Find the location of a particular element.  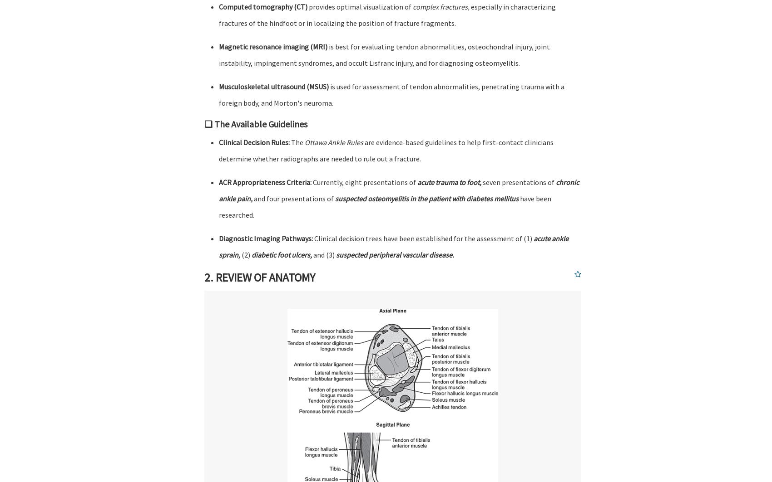

'is used for assessment of tendon abnormalities, penetrating trauma with a foreign body, and Morton's neuroma.' is located at coordinates (391, 94).